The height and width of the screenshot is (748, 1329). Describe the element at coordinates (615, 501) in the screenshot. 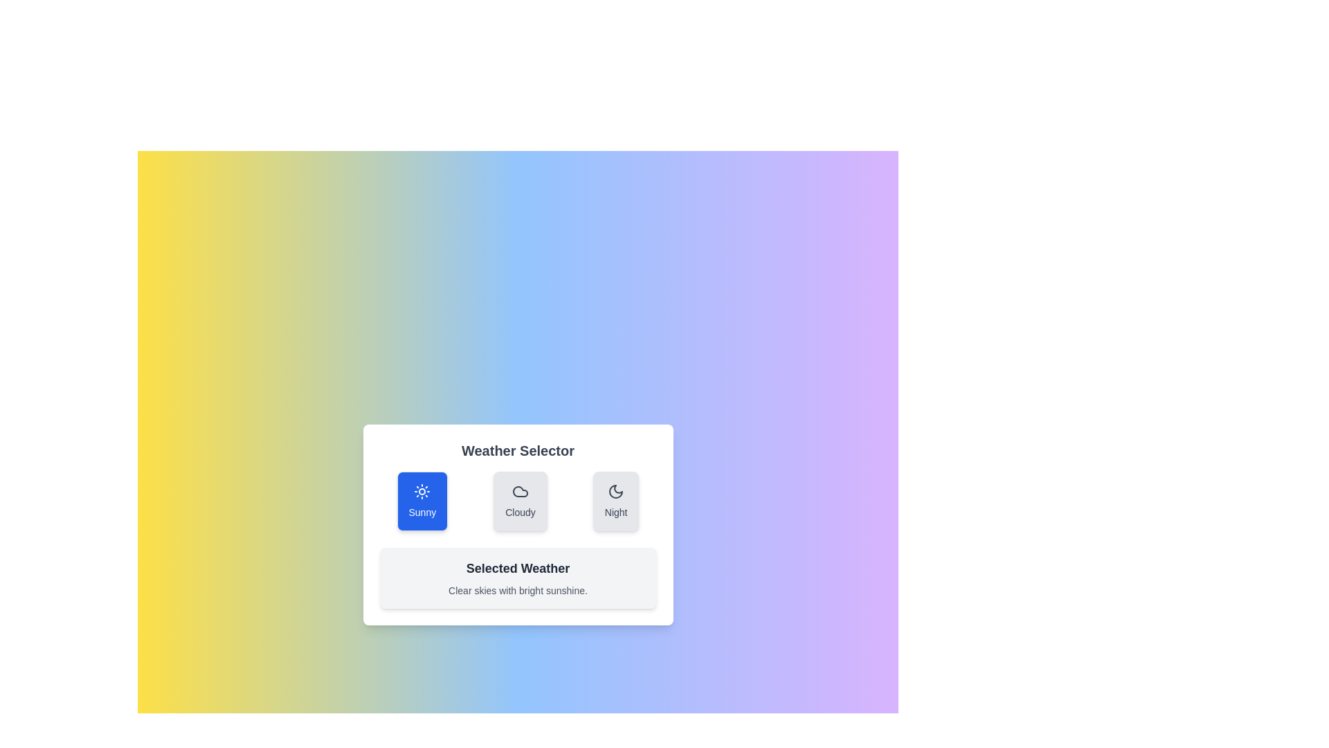

I see `the 'Night' weather condition button located in the 'Weather Selector' section, which is the third button from the left in a horizontal row of three buttons` at that location.